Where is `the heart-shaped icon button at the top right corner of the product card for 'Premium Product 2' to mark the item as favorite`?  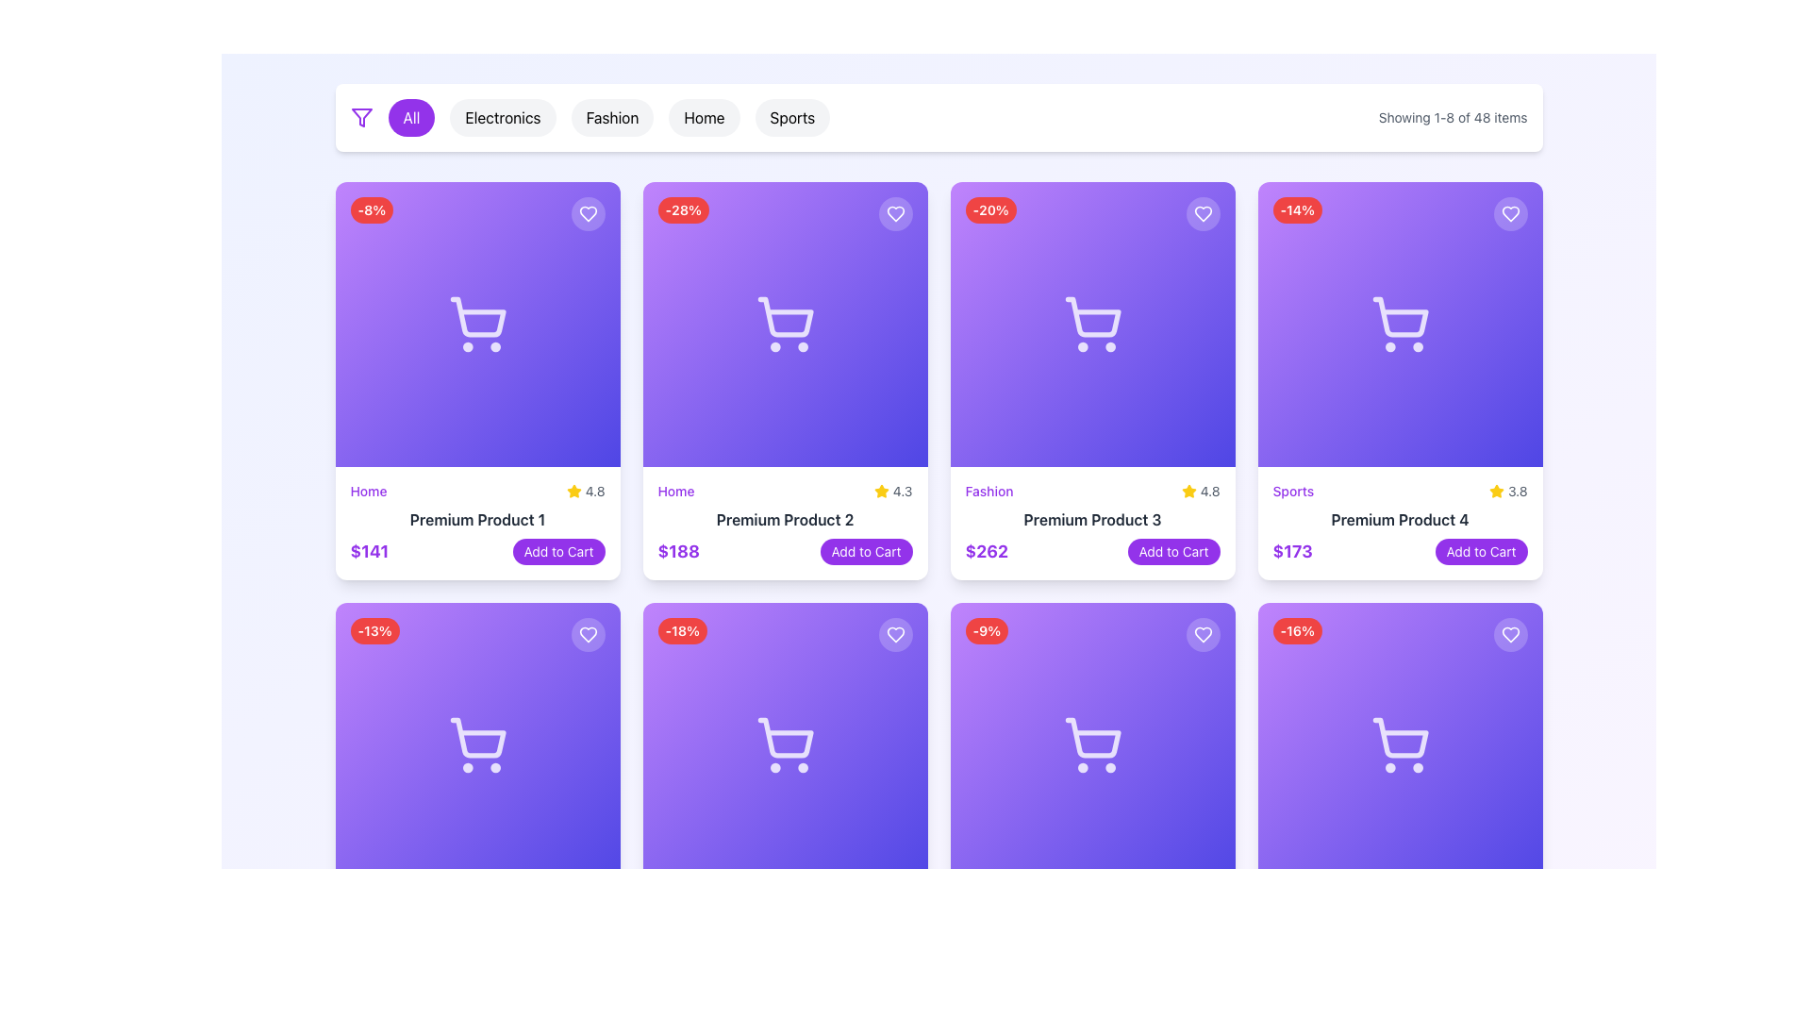
the heart-shaped icon button at the top right corner of the product card for 'Premium Product 2' to mark the item as favorite is located at coordinates (587, 634).